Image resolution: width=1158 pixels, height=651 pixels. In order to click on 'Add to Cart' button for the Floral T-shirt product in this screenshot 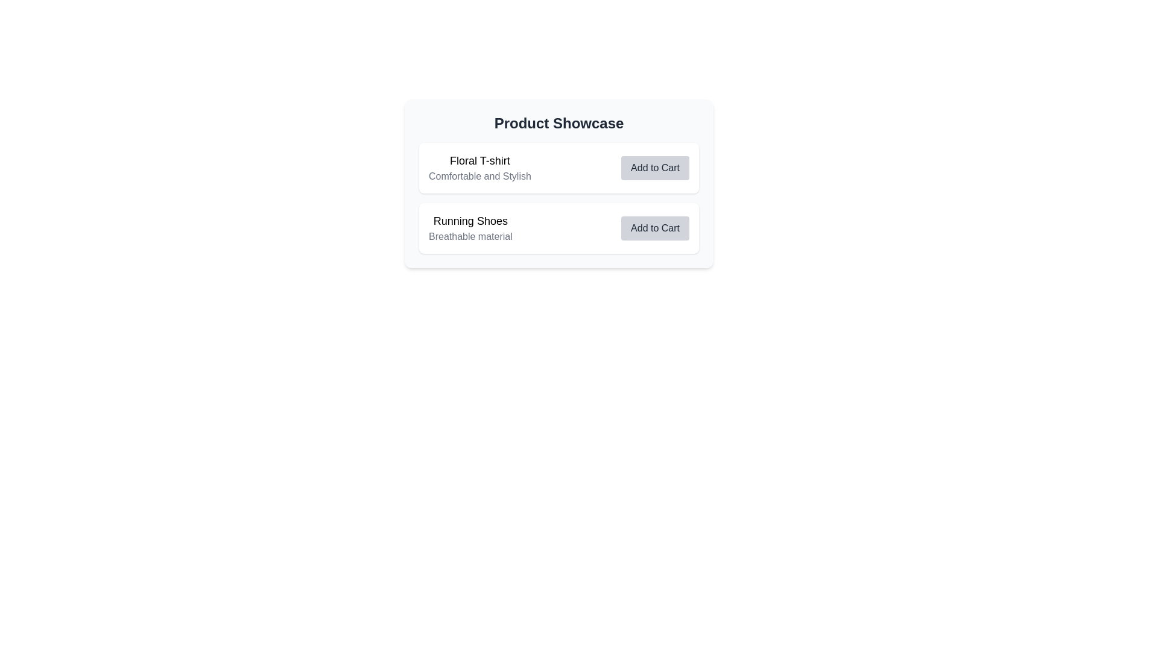, I will do `click(654, 168)`.